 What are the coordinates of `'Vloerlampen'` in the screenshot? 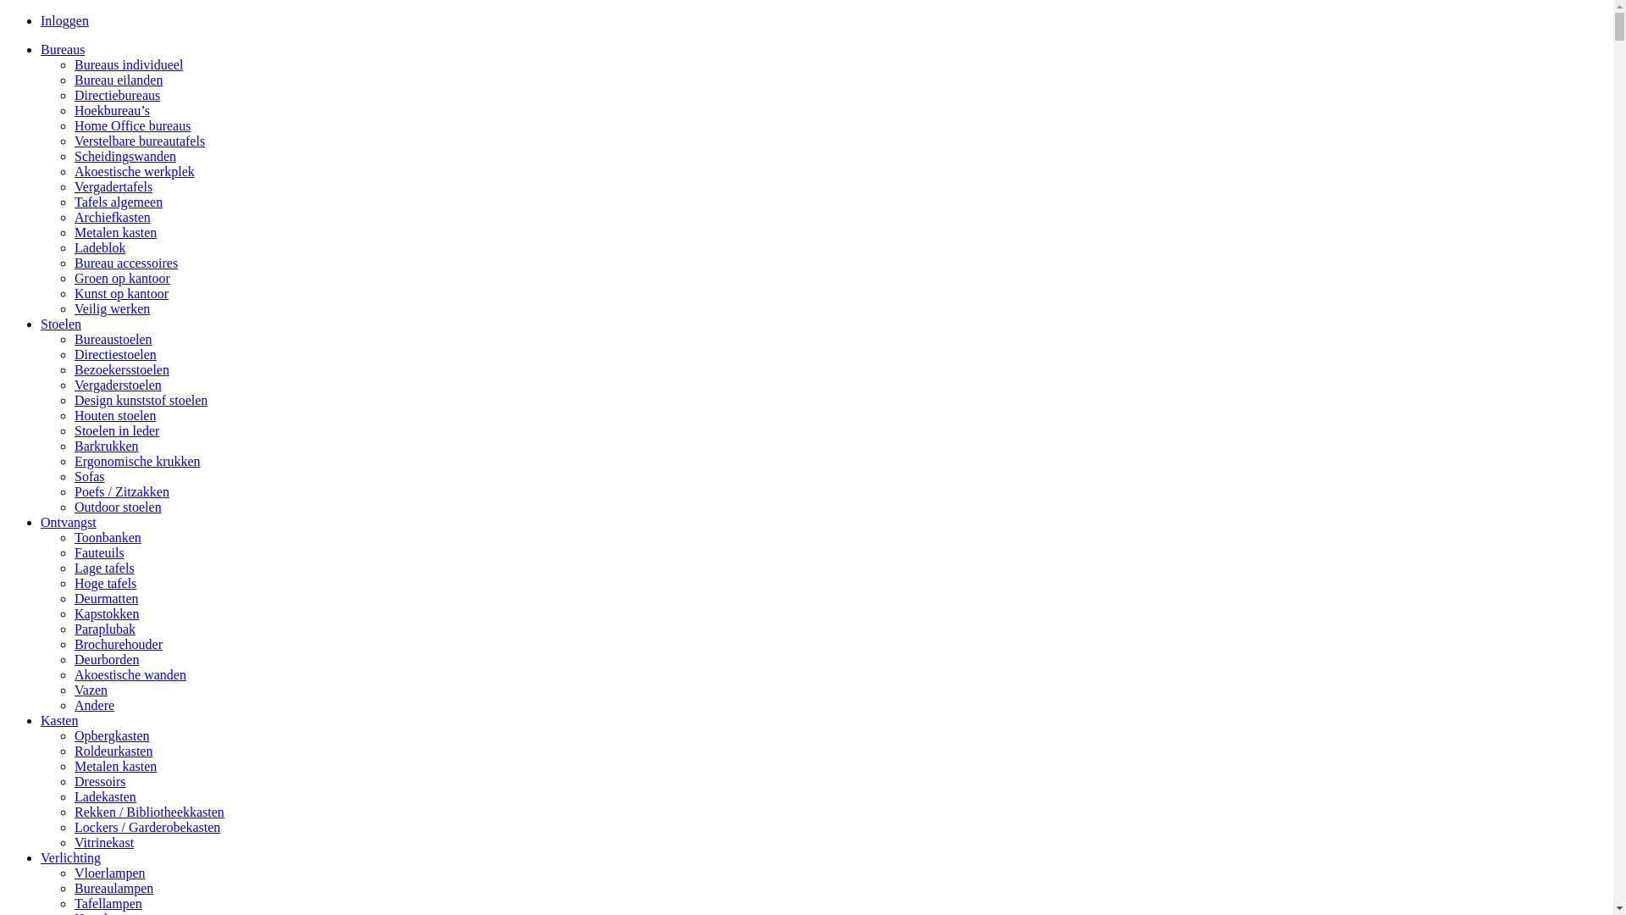 It's located at (108, 873).